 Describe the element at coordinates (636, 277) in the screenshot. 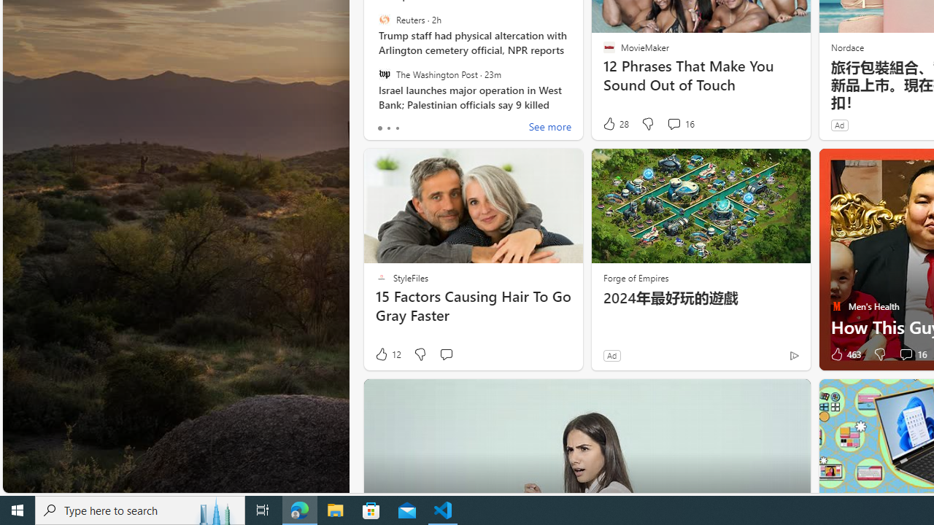

I see `'Forge of Empires'` at that location.